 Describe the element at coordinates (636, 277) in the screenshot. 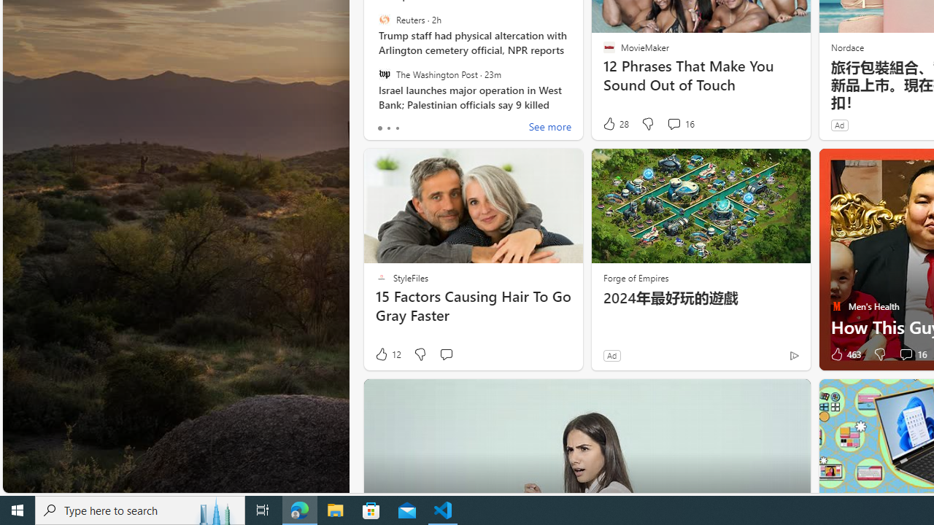

I see `'Forge of Empires'` at that location.